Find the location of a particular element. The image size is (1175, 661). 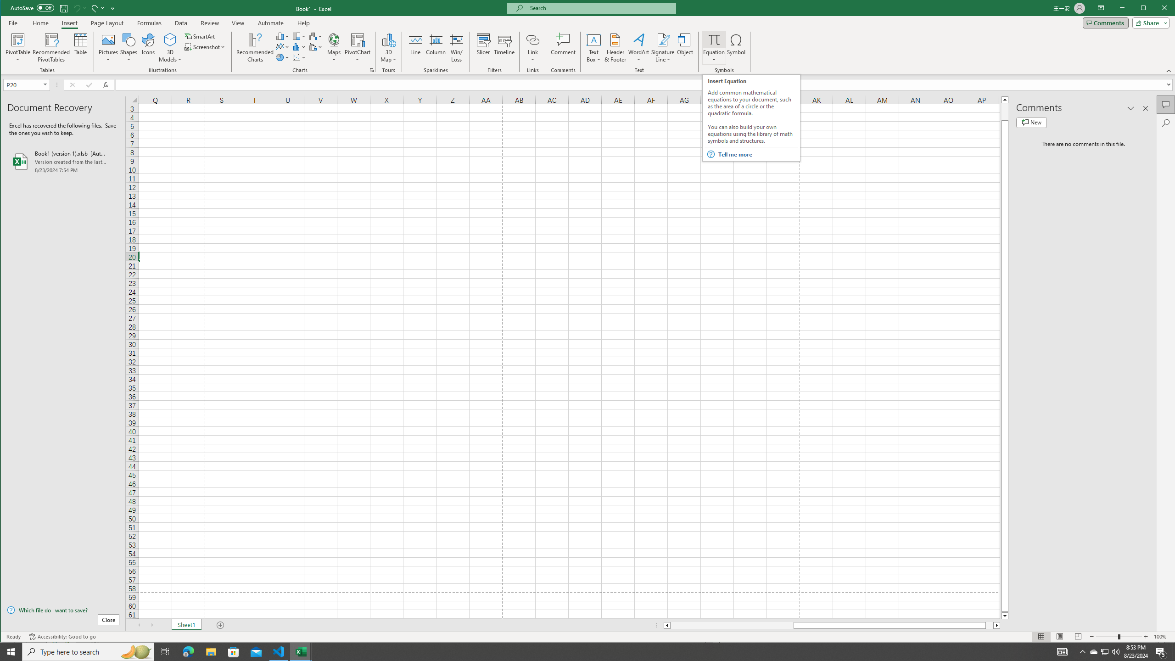

'Table' is located at coordinates (80, 47).